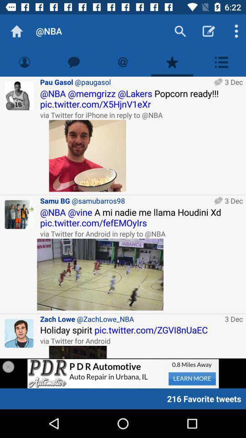  Describe the element at coordinates (25, 62) in the screenshot. I see `profile page` at that location.